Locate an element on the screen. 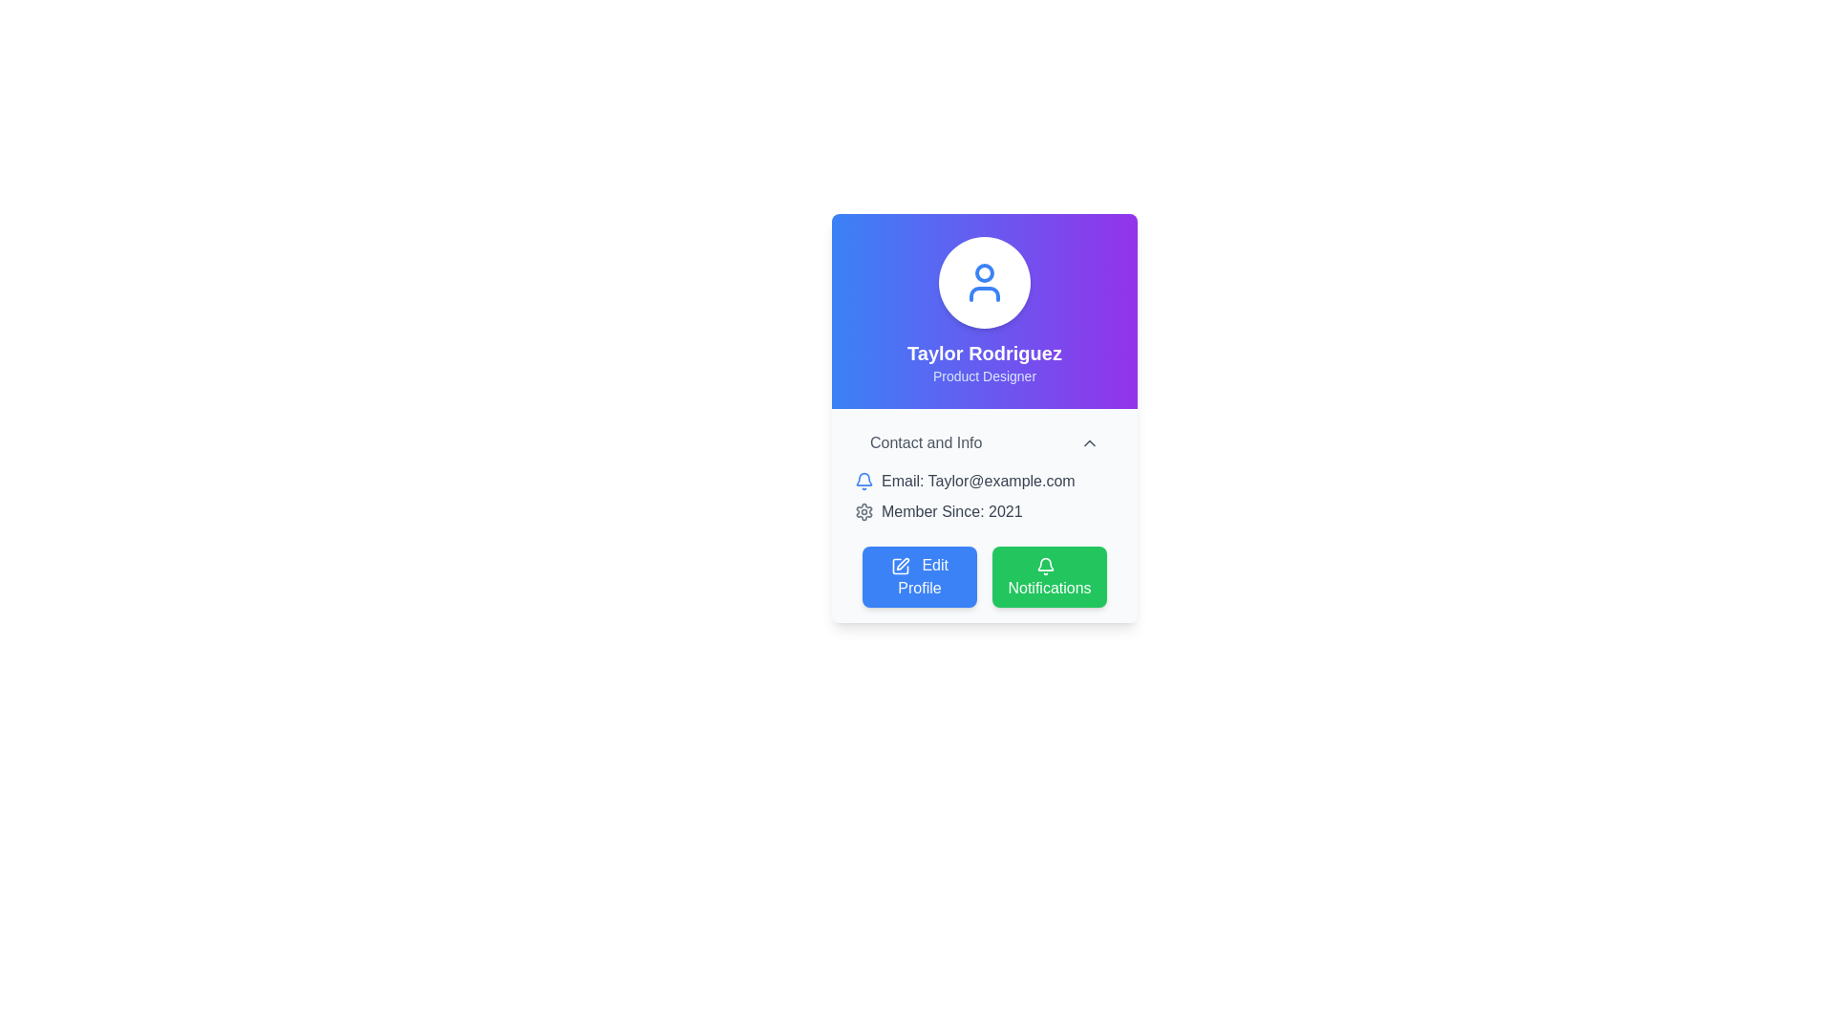 The width and height of the screenshot is (1834, 1032). the static text label displaying the year the user became a member, which is positioned below the email text label and above the action buttons in the profile information card is located at coordinates (985, 511).